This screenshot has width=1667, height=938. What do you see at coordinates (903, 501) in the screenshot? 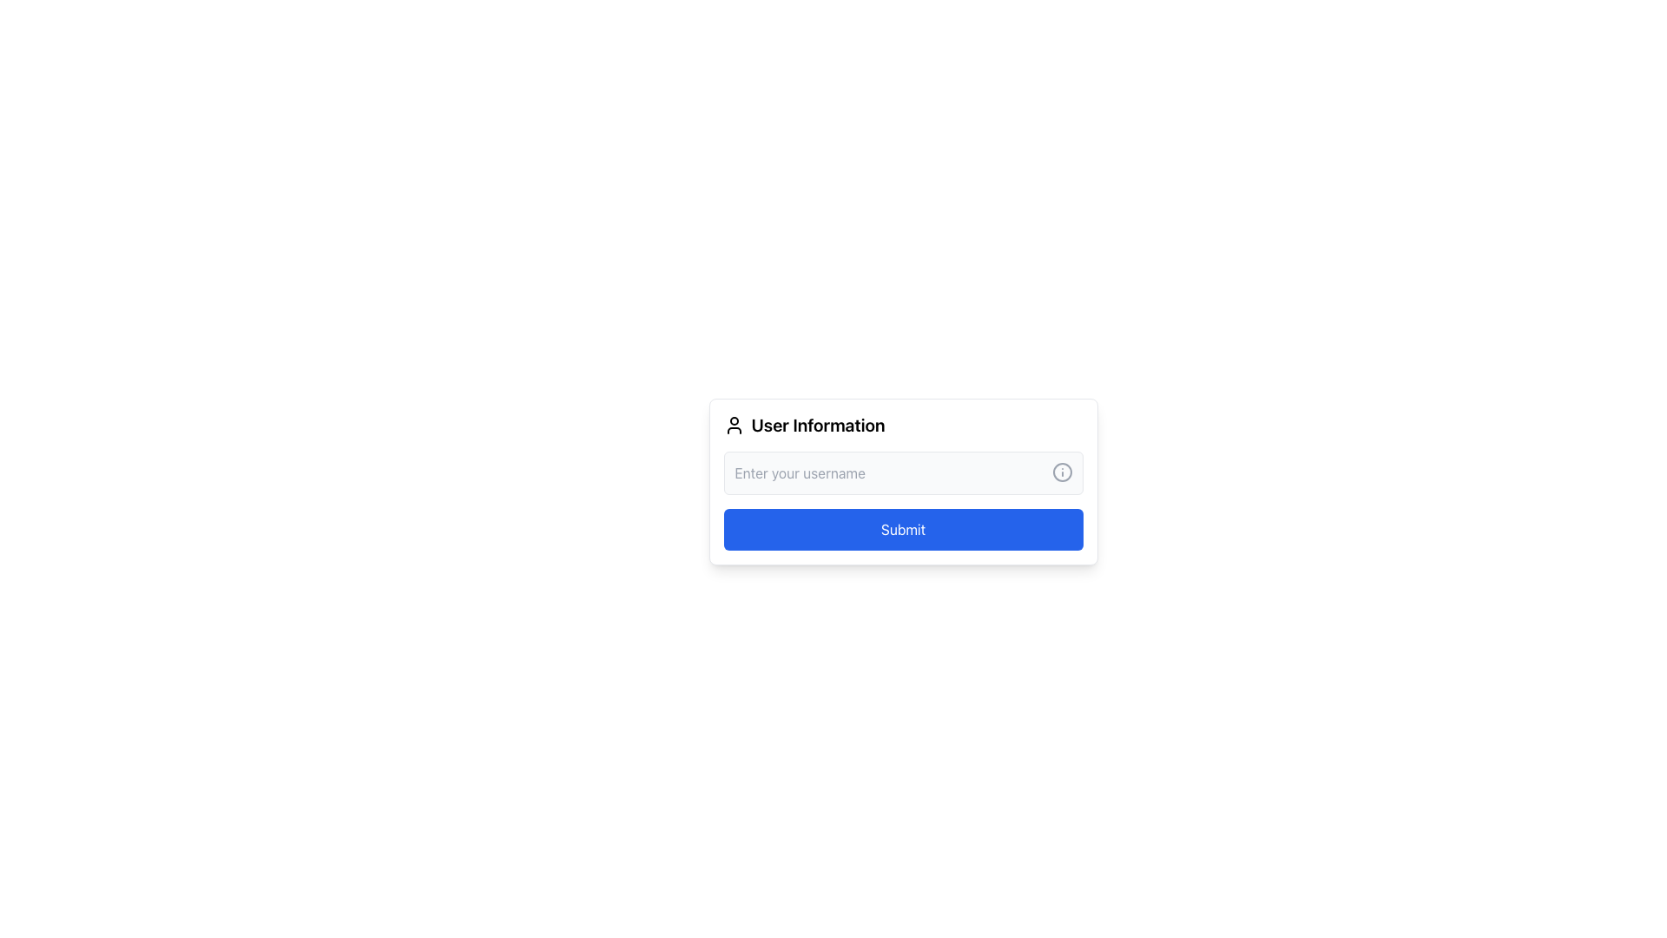
I see `the rectangular 'Submit' button with a blue background and white text located at the bottom of the 'User Information' card` at bounding box center [903, 501].